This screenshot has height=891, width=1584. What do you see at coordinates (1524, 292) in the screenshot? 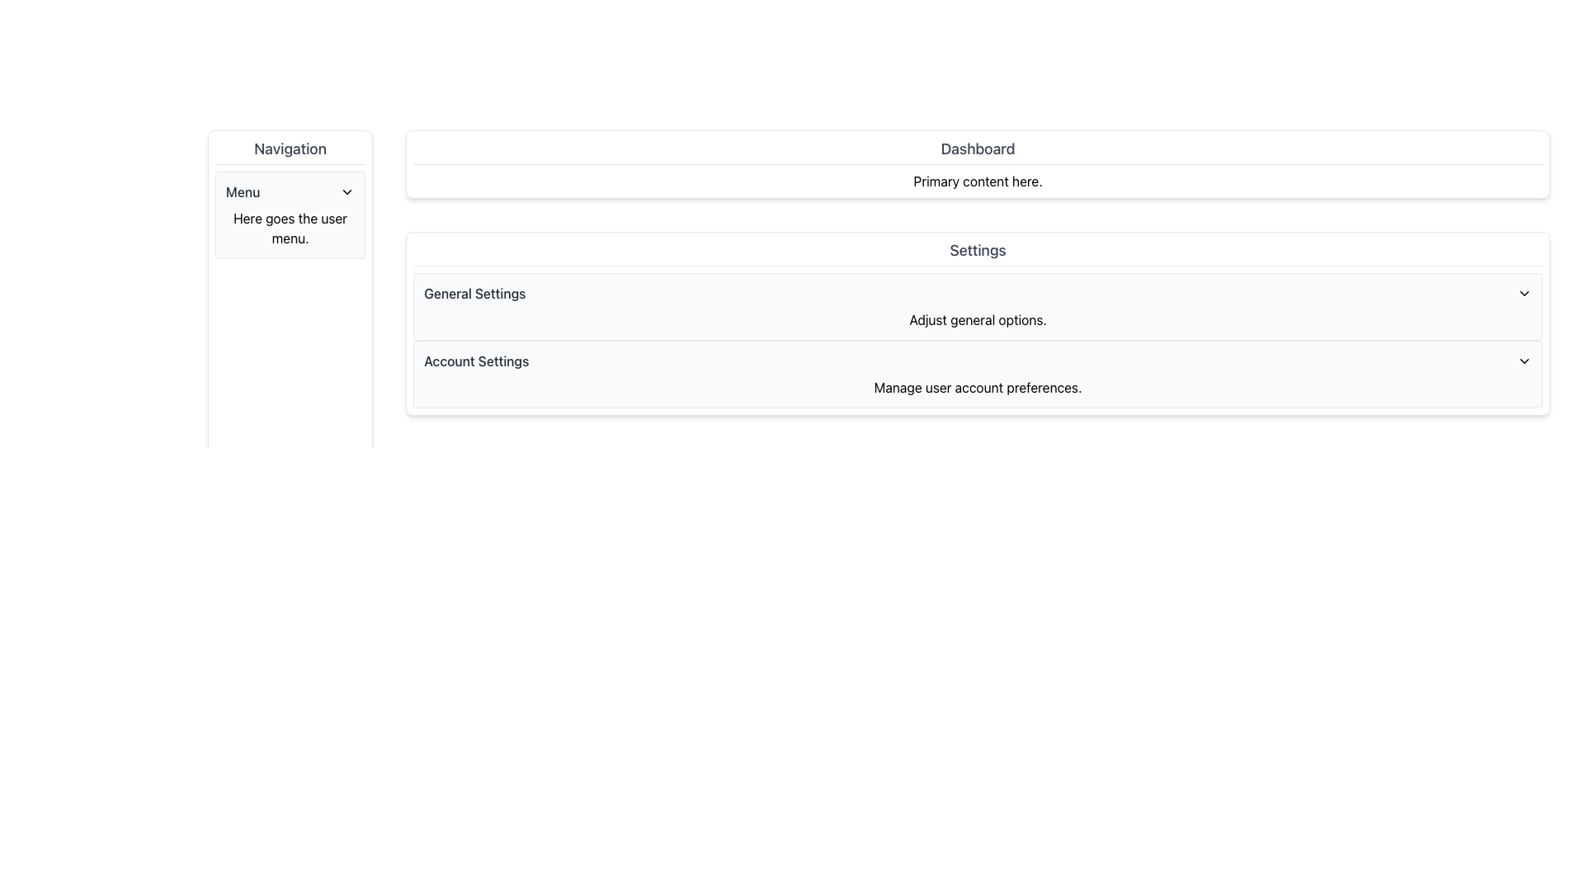
I see `the icon located at the rightmost end of the 'General Settings' header row` at bounding box center [1524, 292].